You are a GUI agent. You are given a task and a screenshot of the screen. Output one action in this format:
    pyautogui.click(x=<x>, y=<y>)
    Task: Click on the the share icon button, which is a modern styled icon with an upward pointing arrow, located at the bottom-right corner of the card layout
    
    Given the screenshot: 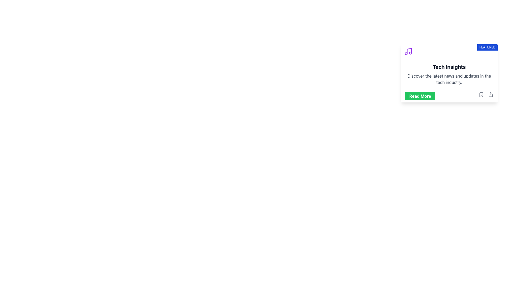 What is the action you would take?
    pyautogui.click(x=490, y=94)
    